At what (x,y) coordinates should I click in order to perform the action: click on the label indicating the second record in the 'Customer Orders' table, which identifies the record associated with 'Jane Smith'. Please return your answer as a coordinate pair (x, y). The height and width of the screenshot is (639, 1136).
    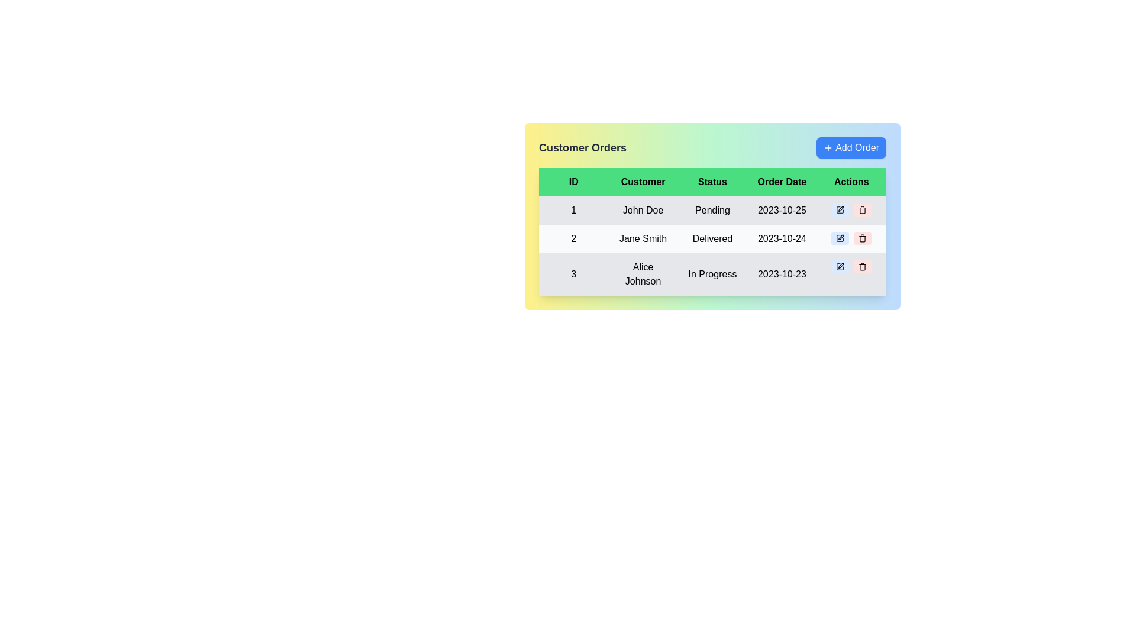
    Looking at the image, I should click on (573, 239).